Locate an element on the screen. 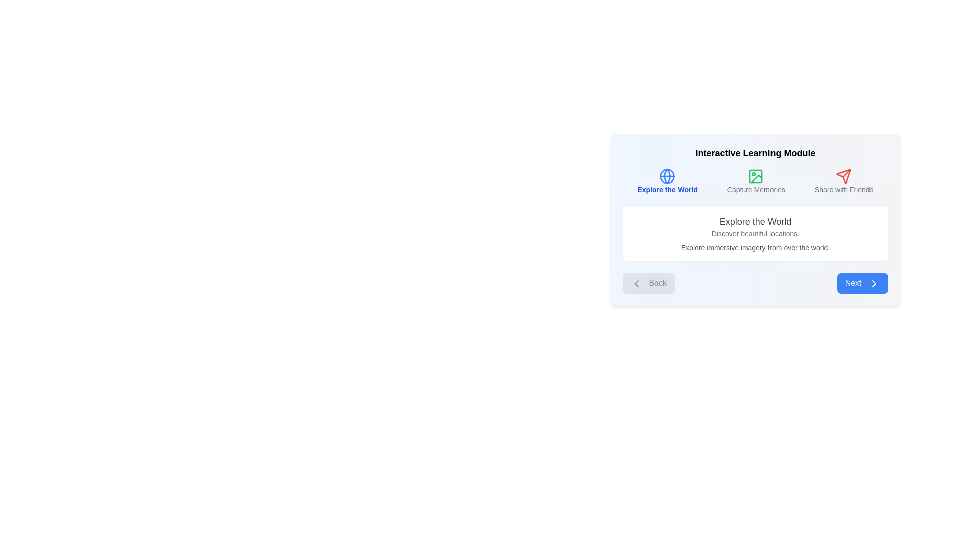 This screenshot has width=965, height=543. the navigation button located on the far-left side of the panel by pressing Tab, then activate it by pressing Enter is located at coordinates (649, 283).